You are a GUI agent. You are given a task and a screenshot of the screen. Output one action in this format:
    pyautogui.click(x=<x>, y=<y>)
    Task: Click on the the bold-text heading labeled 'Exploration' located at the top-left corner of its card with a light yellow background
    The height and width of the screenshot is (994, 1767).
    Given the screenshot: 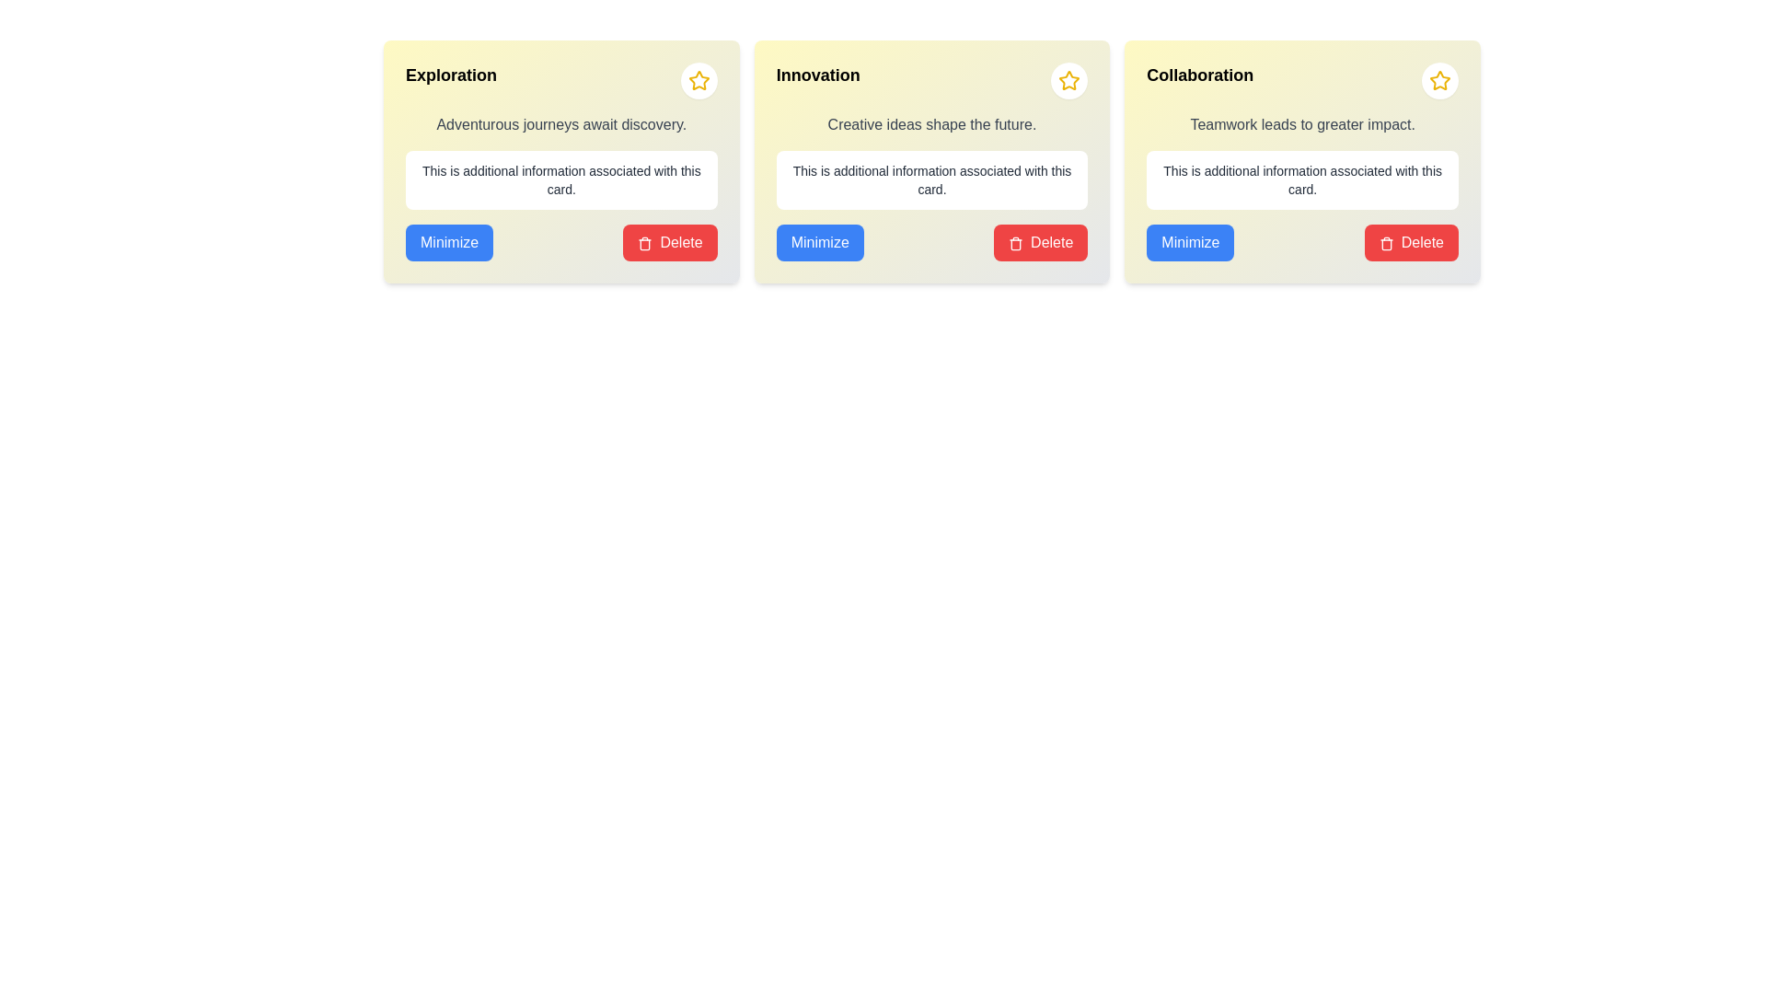 What is the action you would take?
    pyautogui.click(x=451, y=80)
    